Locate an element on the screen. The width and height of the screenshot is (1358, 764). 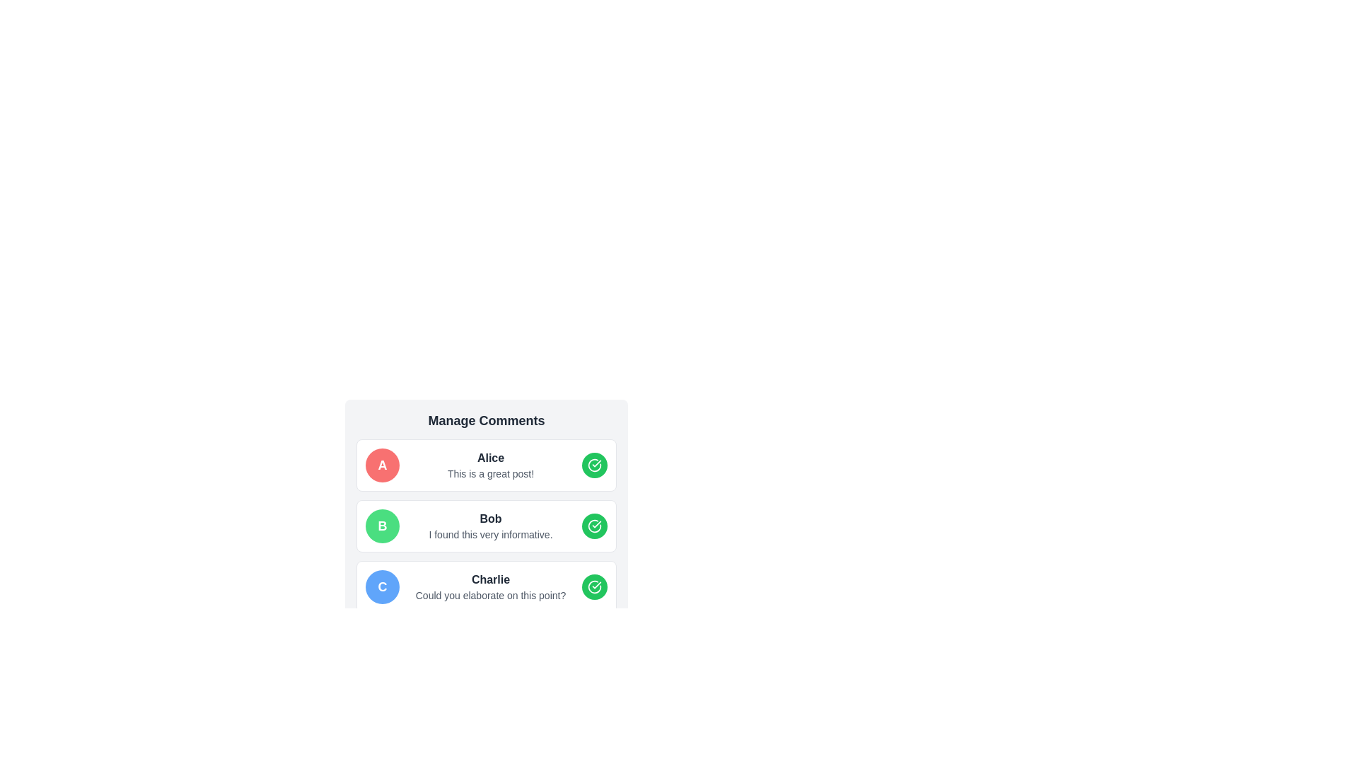
the second checkmark icon indicating that Bob's comment has been approved is located at coordinates (594, 586).